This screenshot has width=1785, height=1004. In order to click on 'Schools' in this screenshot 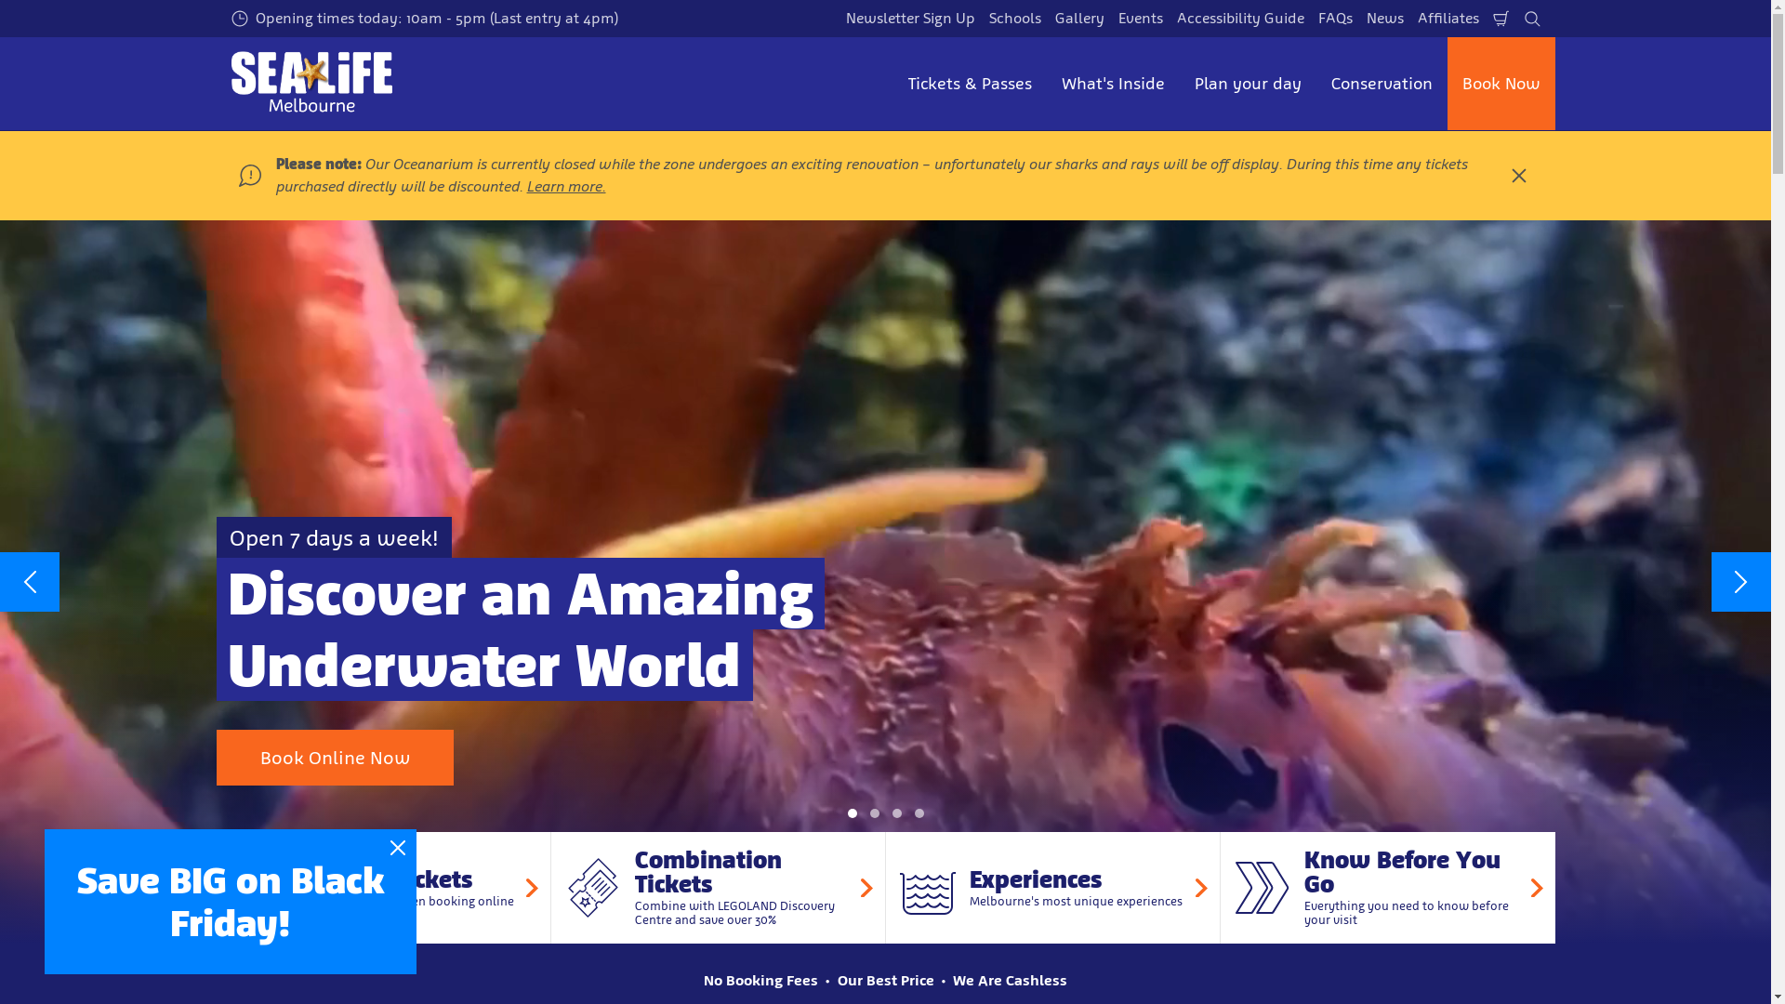, I will do `click(1012, 18)`.